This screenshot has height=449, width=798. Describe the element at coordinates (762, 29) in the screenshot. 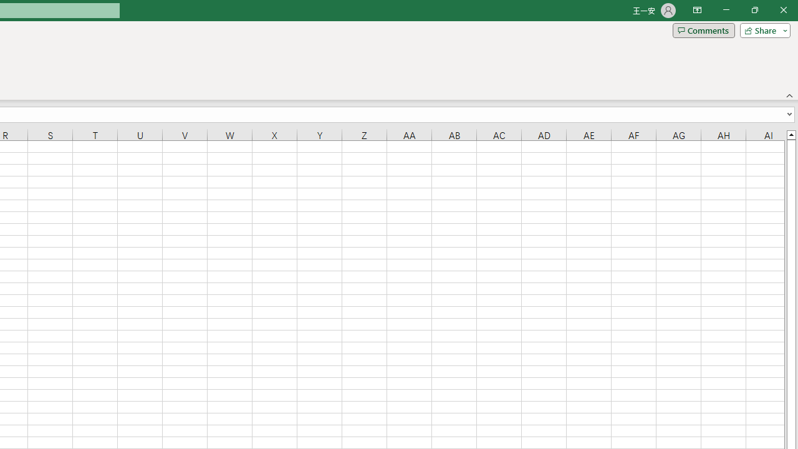

I see `'Share'` at that location.